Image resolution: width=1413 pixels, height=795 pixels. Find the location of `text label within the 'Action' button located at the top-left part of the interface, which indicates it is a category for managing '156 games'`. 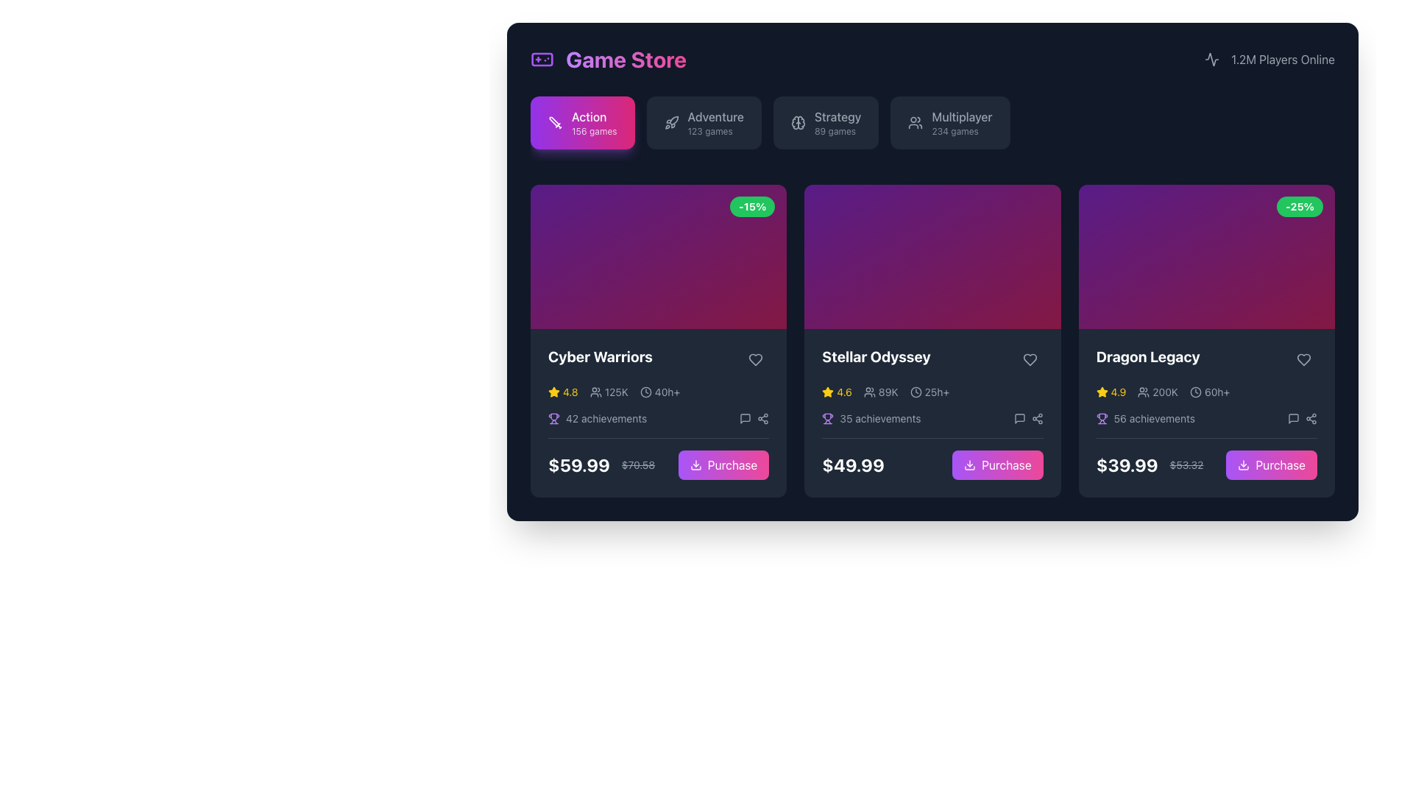

text label within the 'Action' button located at the top-left part of the interface, which indicates it is a category for managing '156 games' is located at coordinates (594, 121).